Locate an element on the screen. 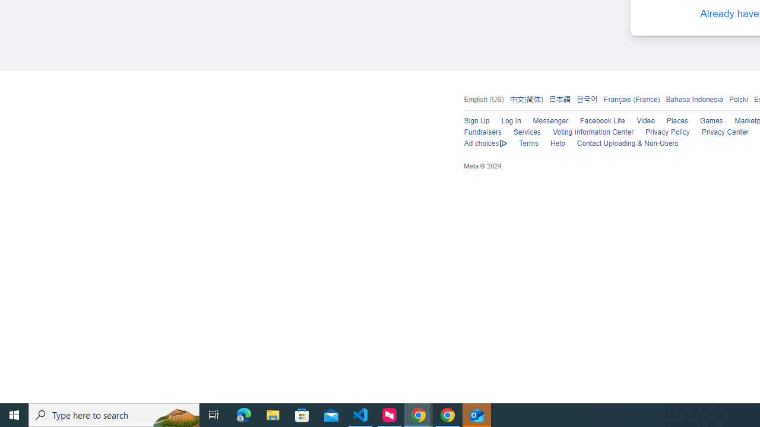 This screenshot has height=427, width=760. 'Log In' is located at coordinates (511, 121).